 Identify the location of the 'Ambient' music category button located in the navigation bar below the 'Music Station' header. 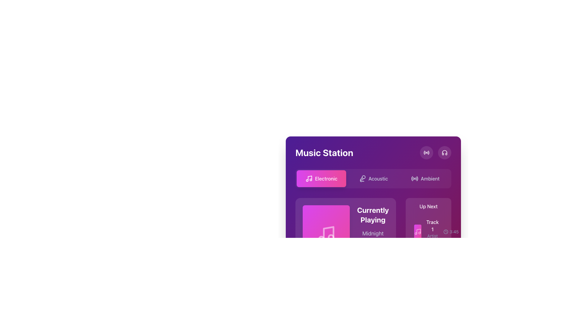
(425, 178).